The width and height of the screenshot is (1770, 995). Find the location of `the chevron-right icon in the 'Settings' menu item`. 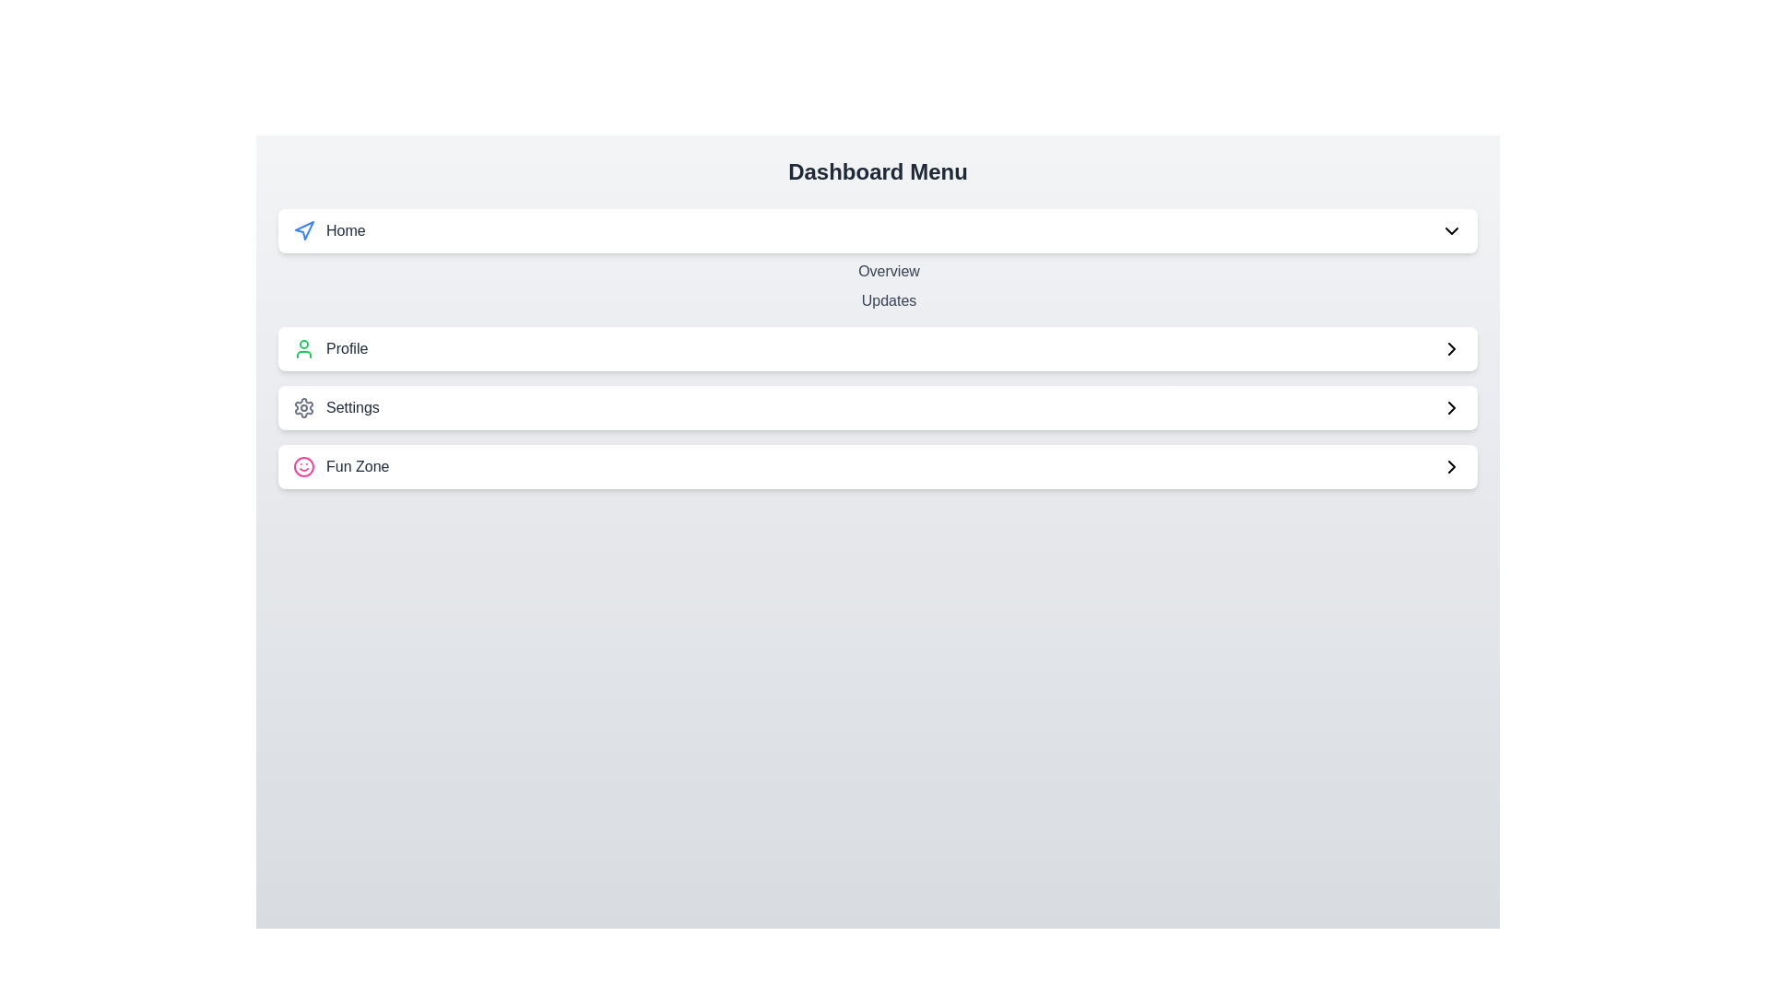

the chevron-right icon in the 'Settings' menu item is located at coordinates (1450, 407).